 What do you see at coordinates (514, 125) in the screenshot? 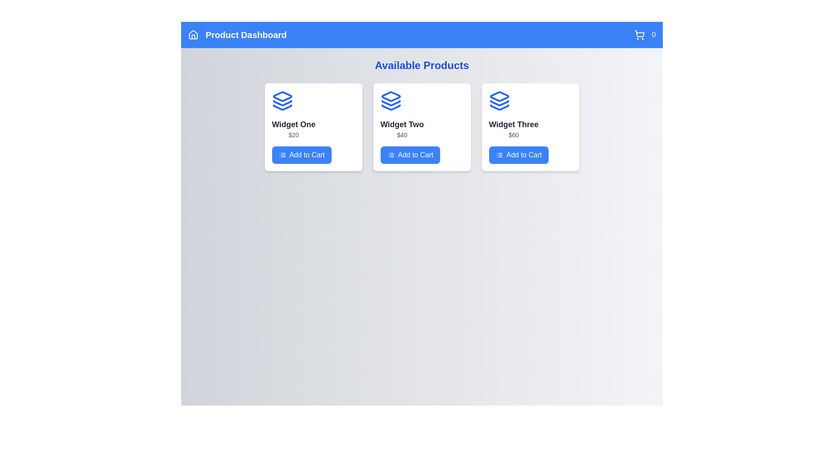
I see `the text label displaying 'Widget Three' which is styled in bold, large font and dark gray color, located at the top center of the third product card` at bounding box center [514, 125].